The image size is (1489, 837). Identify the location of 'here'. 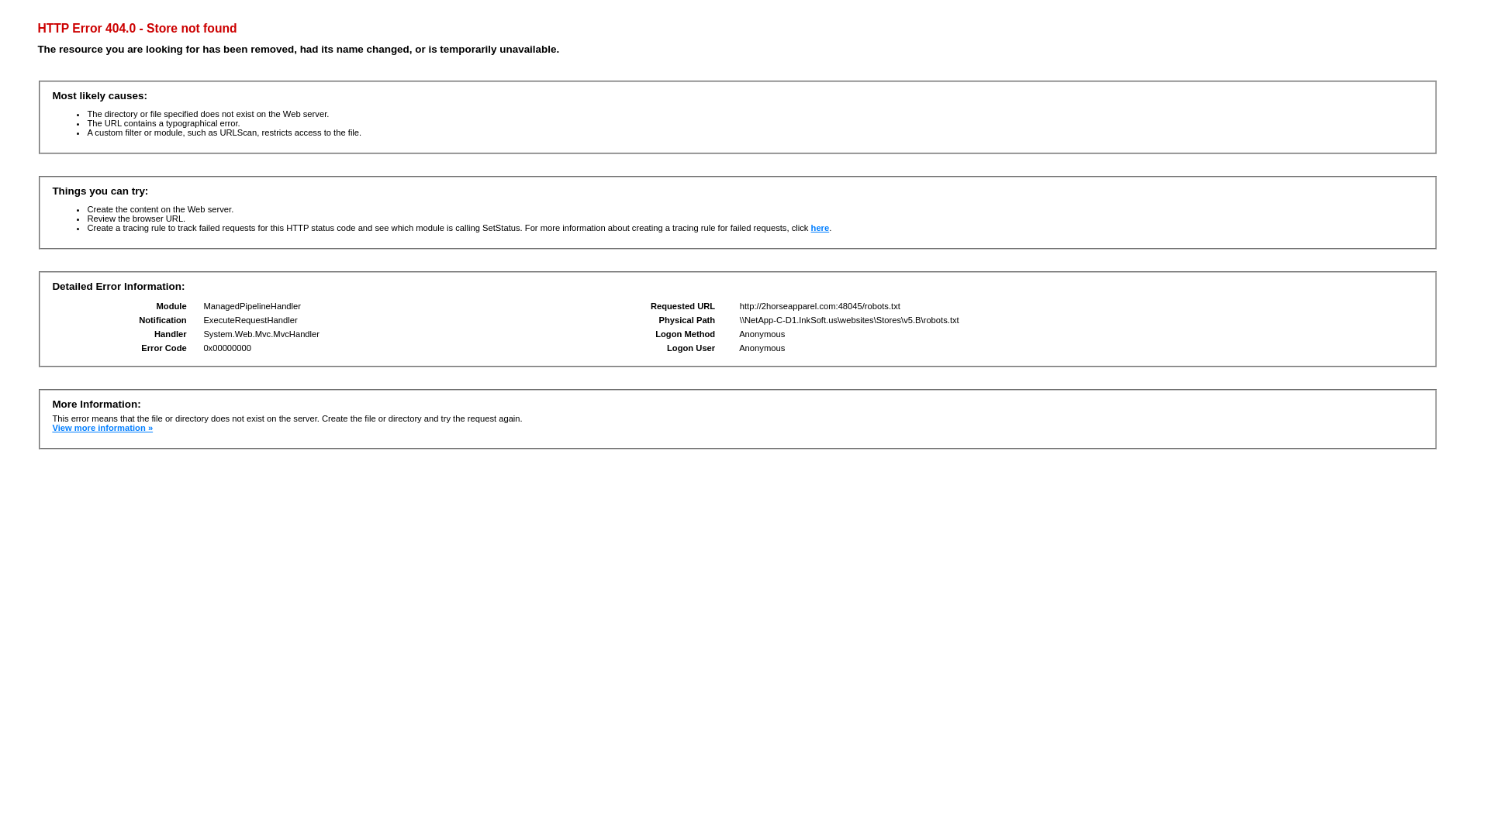
(819, 227).